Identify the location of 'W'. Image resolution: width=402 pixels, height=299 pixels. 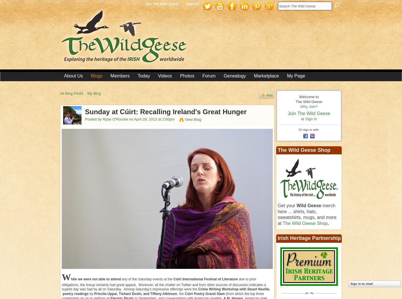
(66, 277).